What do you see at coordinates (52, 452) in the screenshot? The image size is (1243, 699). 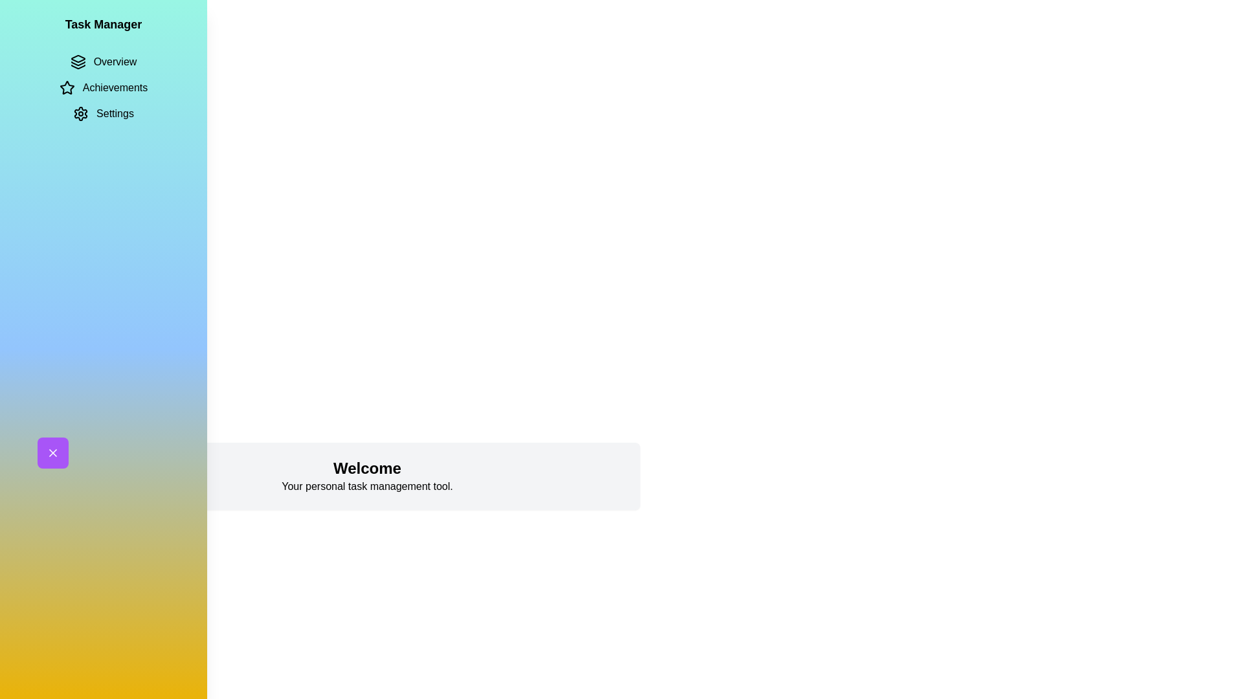 I see `the 'close' or 'dismiss' icon located at the bottom-left corner of the sidebar` at bounding box center [52, 452].